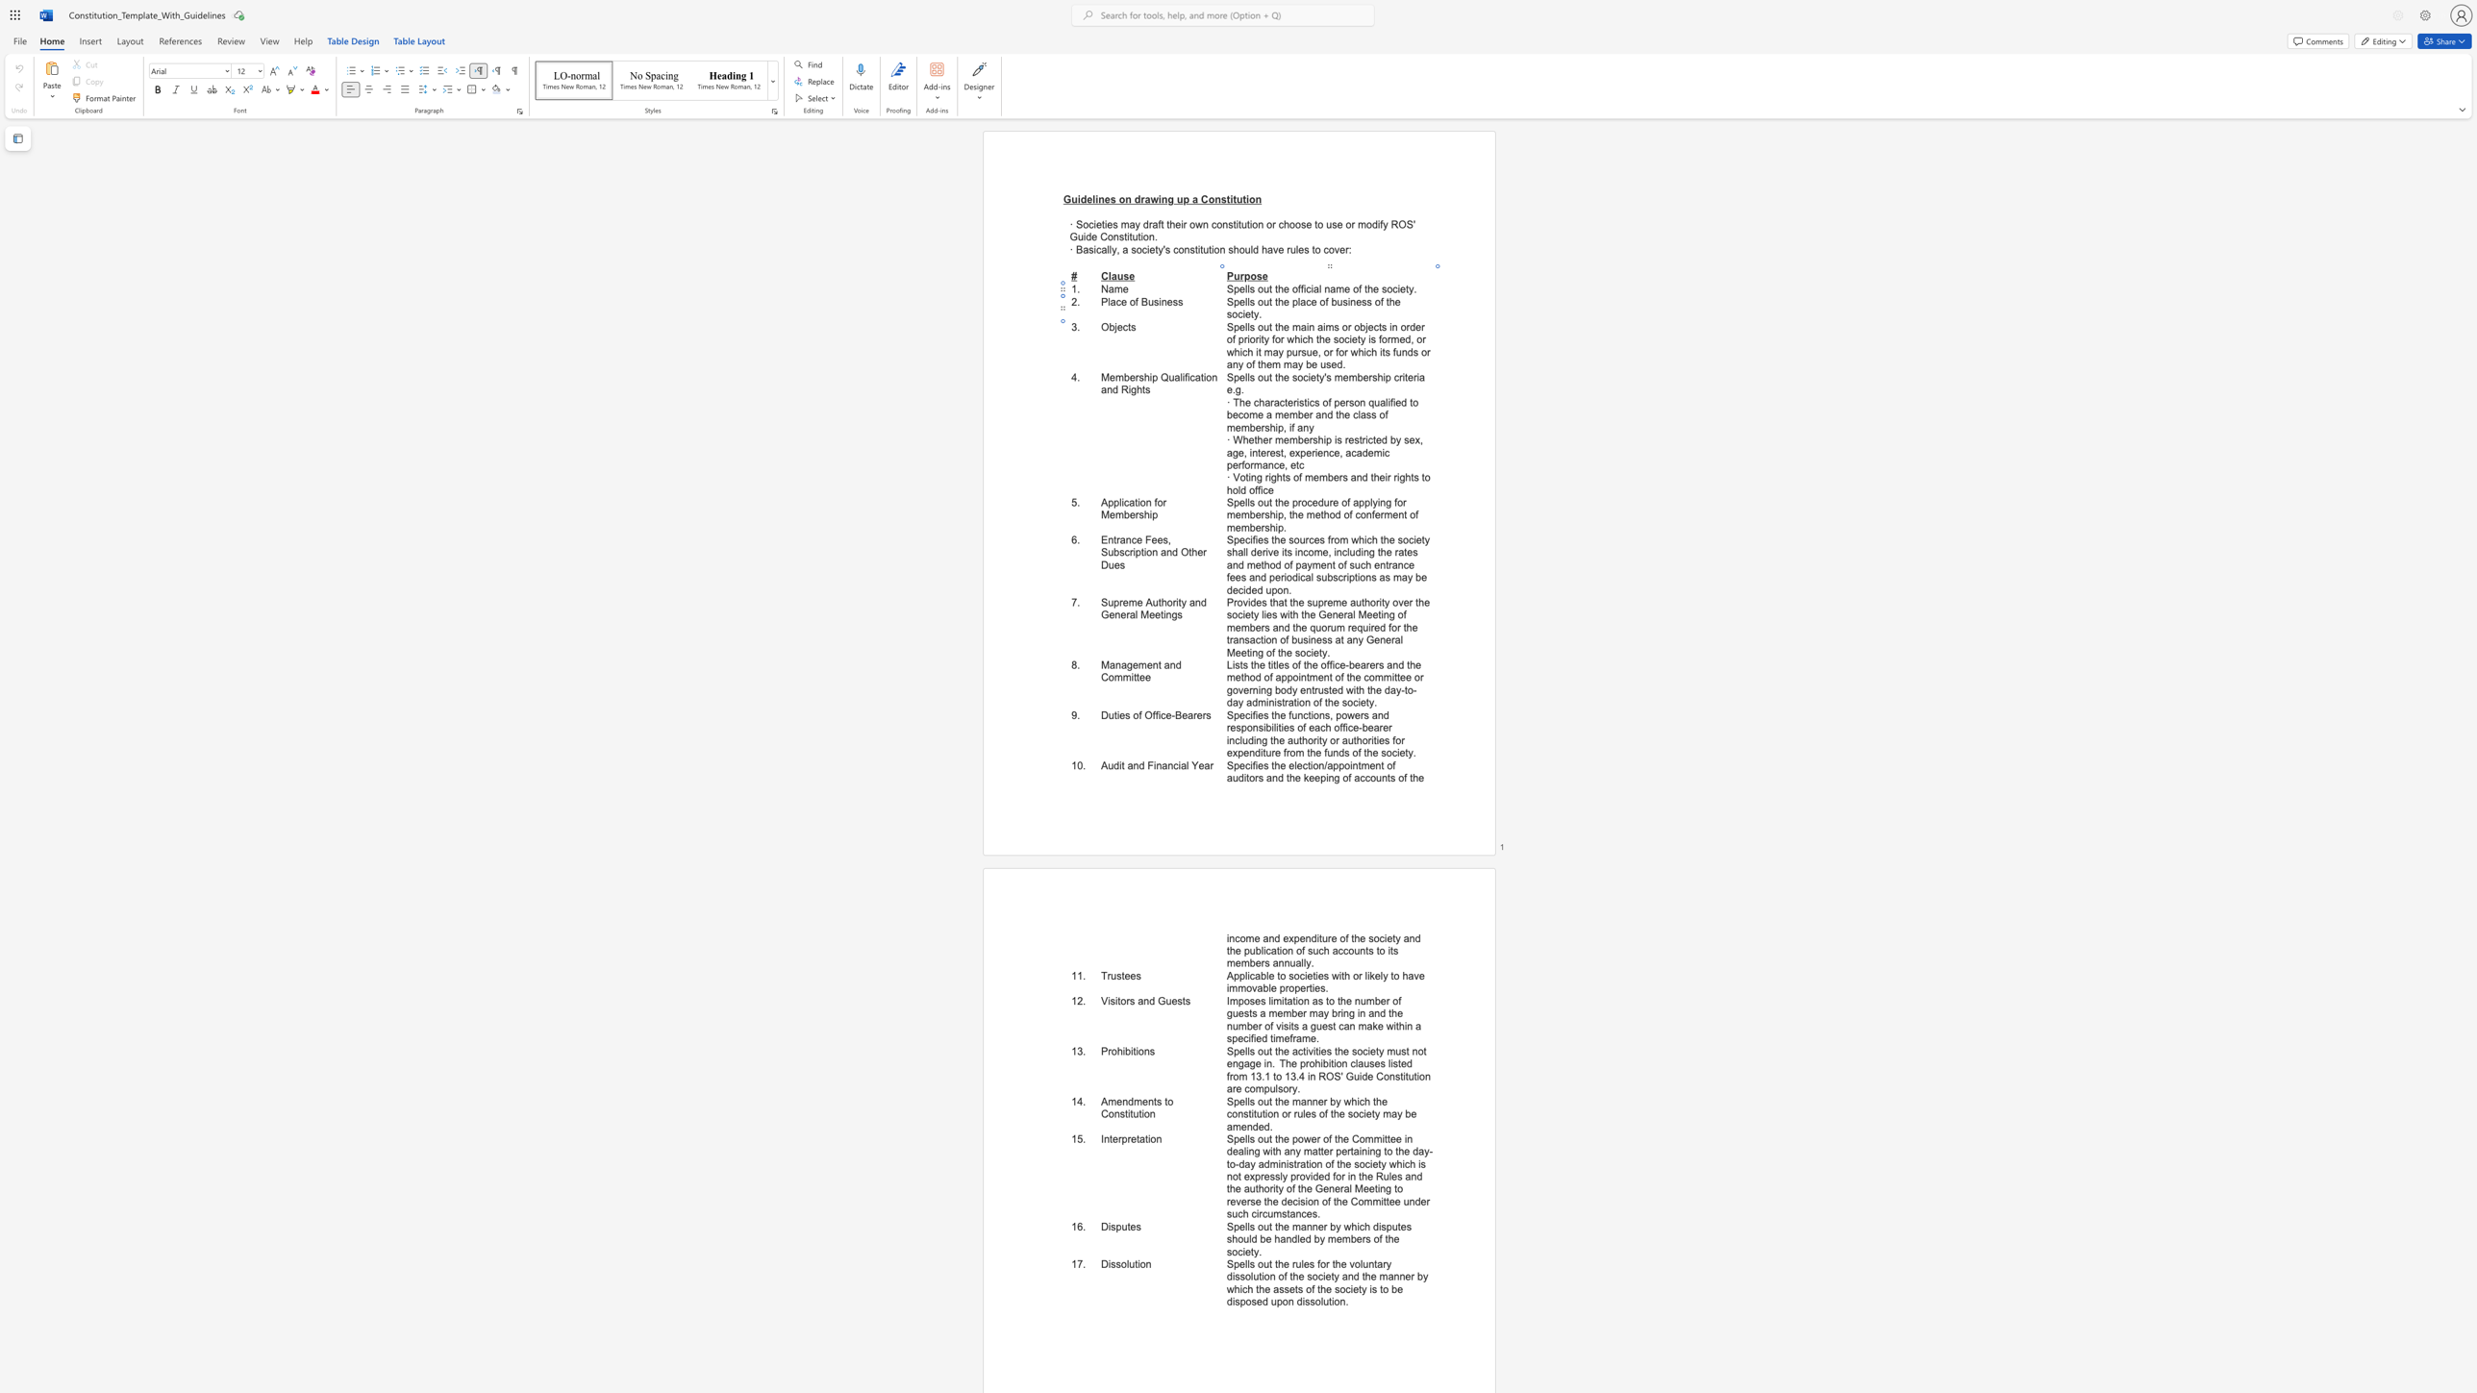 The image size is (2477, 1393). What do you see at coordinates (1354, 339) in the screenshot?
I see `the 6th character "e" in the text` at bounding box center [1354, 339].